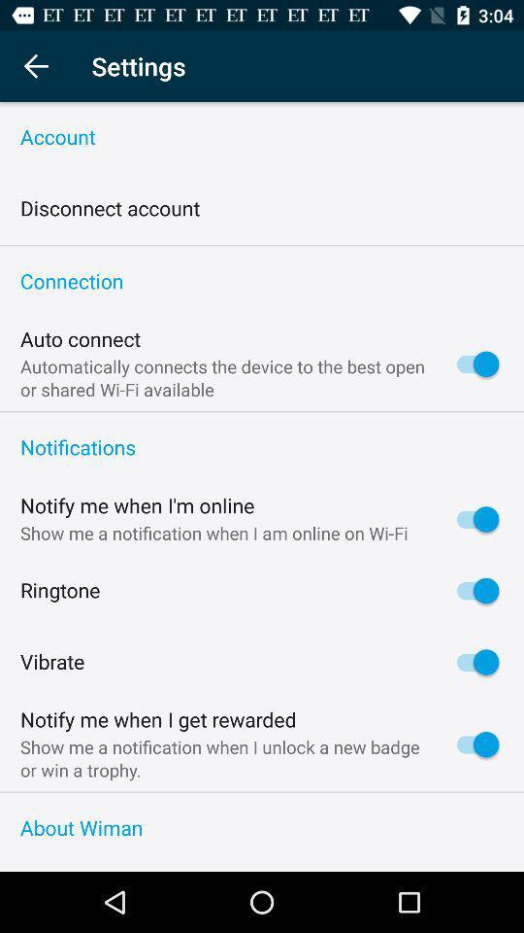  What do you see at coordinates (262, 792) in the screenshot?
I see `the icon above the about wiman item` at bounding box center [262, 792].